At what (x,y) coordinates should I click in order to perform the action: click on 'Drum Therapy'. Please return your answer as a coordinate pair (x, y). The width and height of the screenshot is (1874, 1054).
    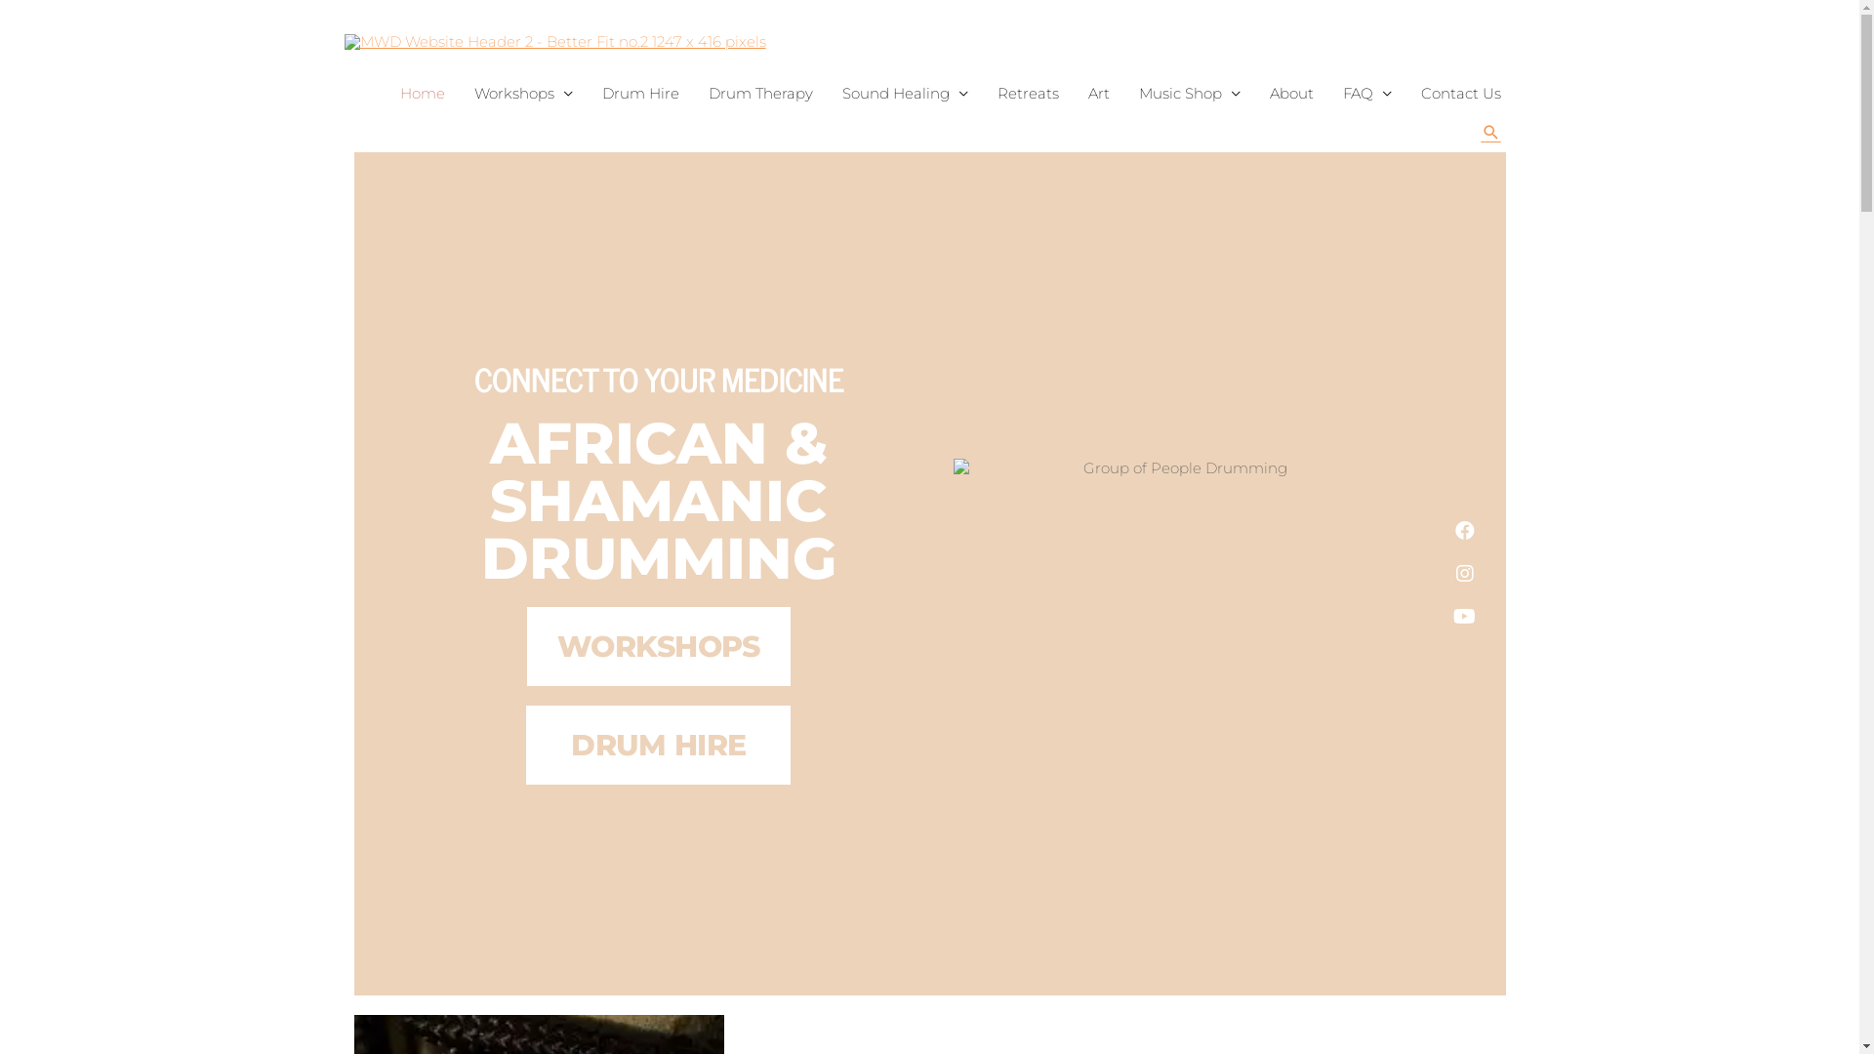
    Looking at the image, I should click on (758, 94).